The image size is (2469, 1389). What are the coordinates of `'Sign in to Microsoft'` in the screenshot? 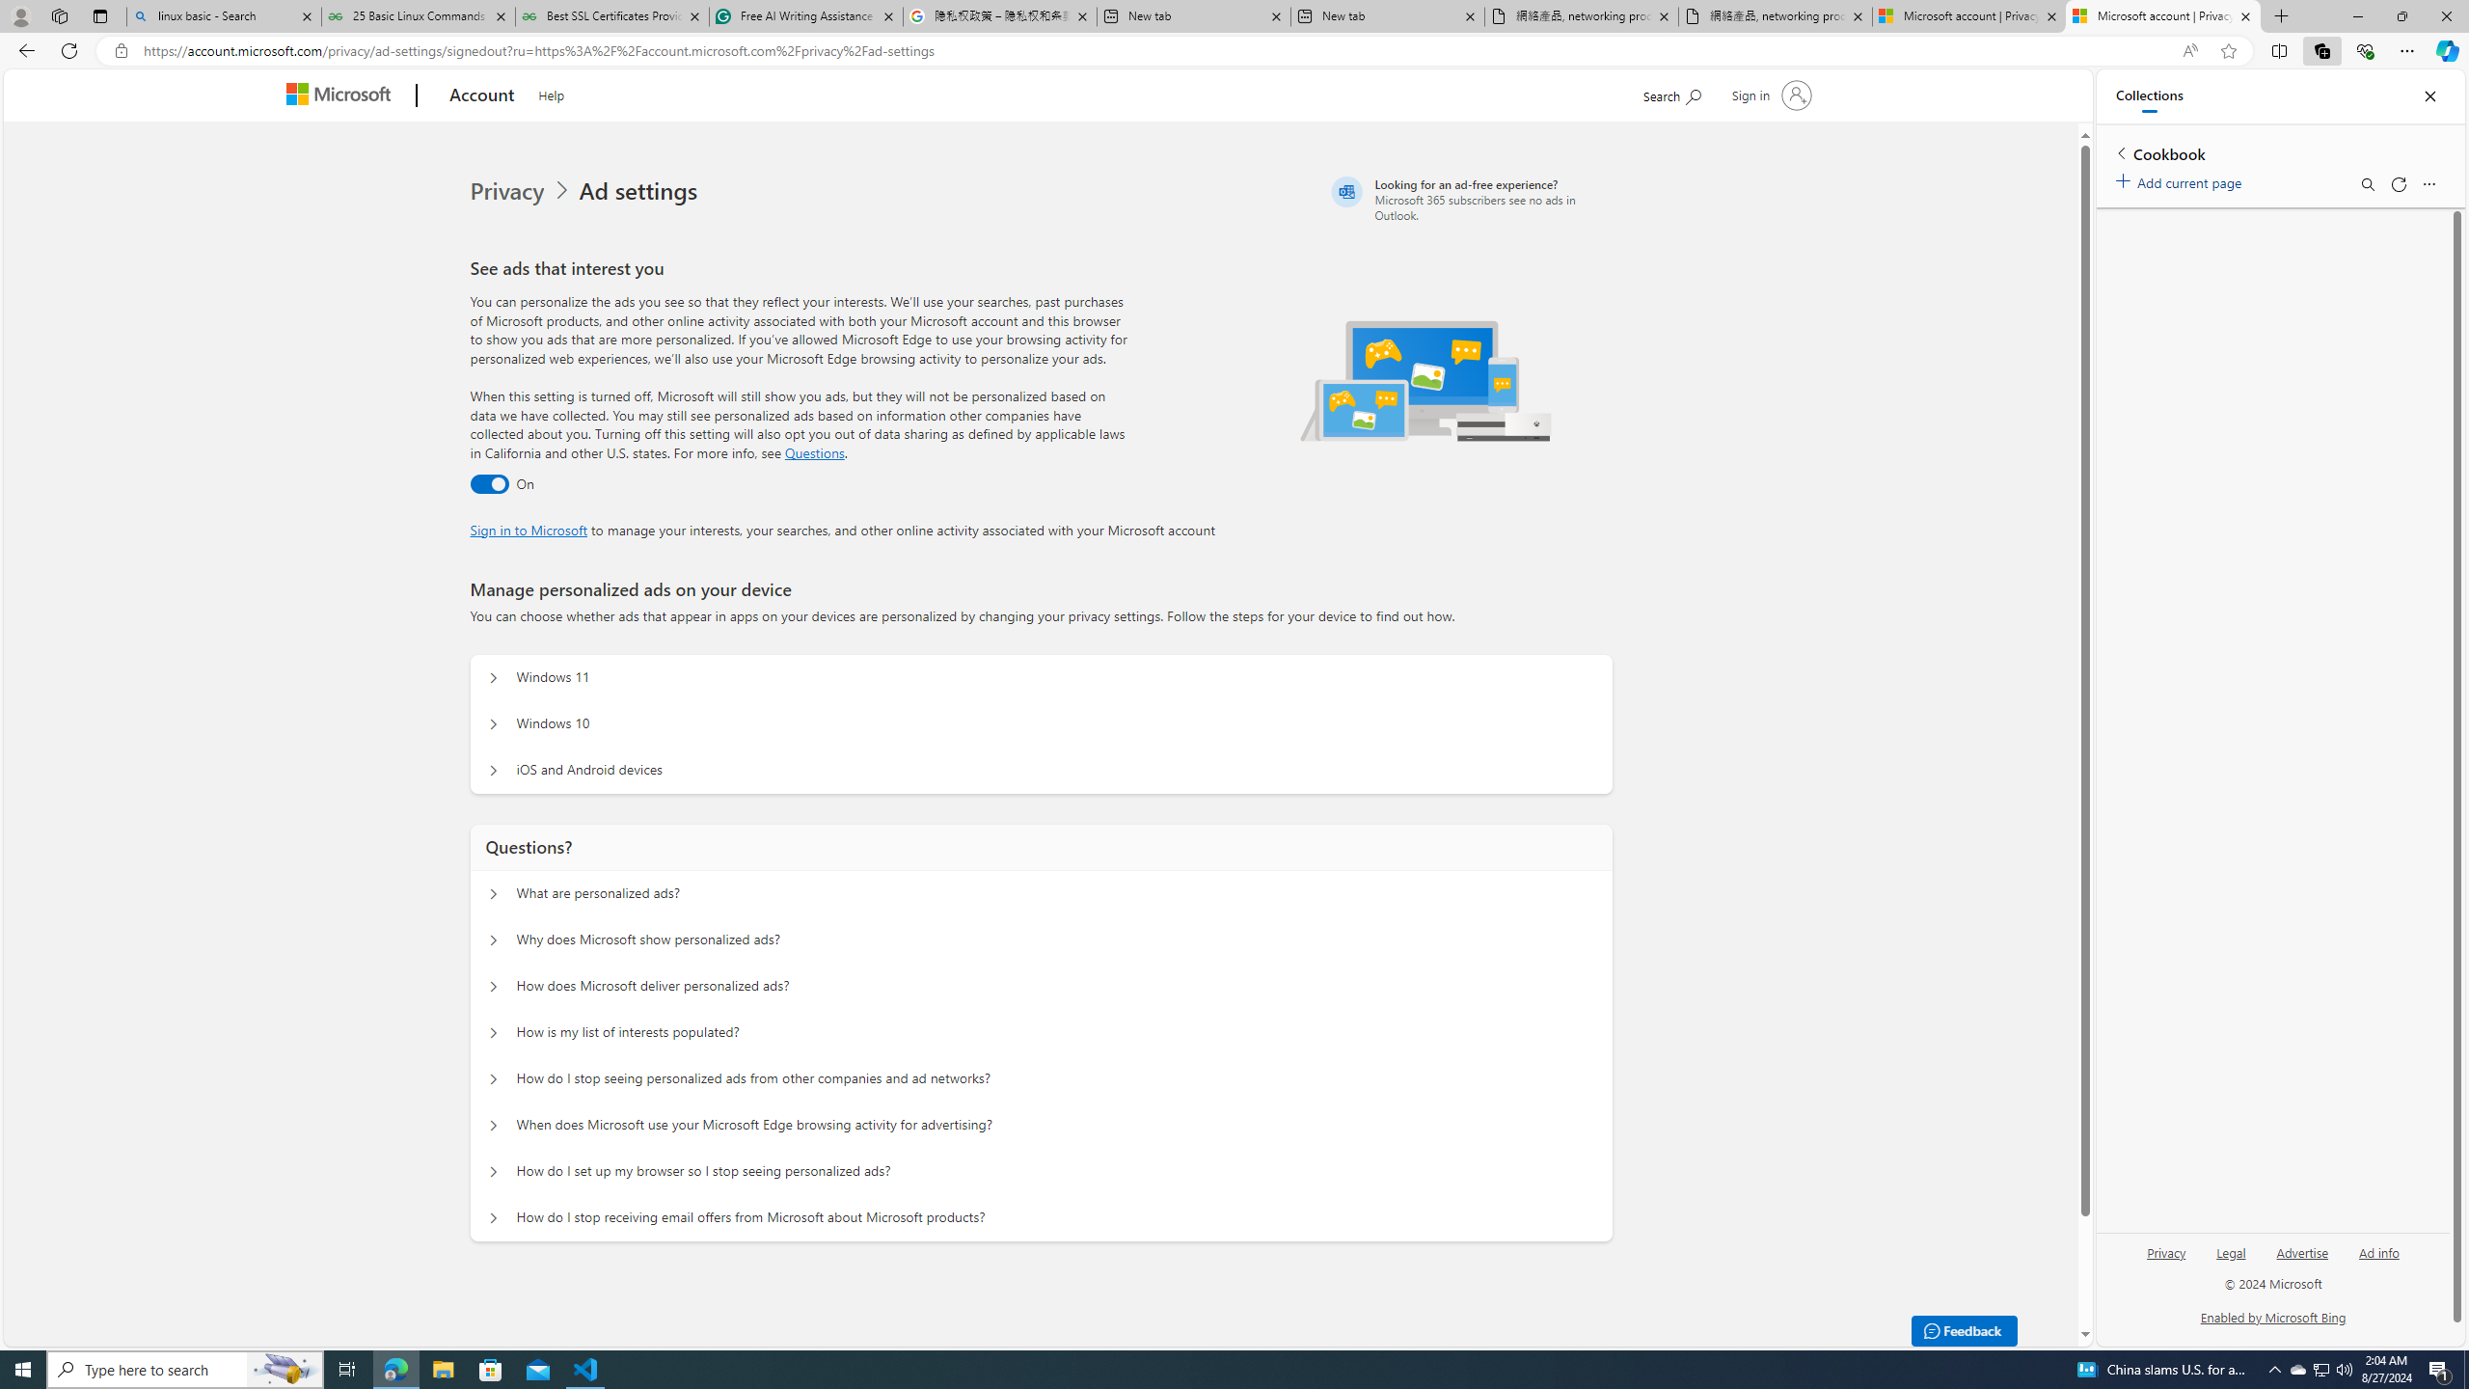 It's located at (527, 528).